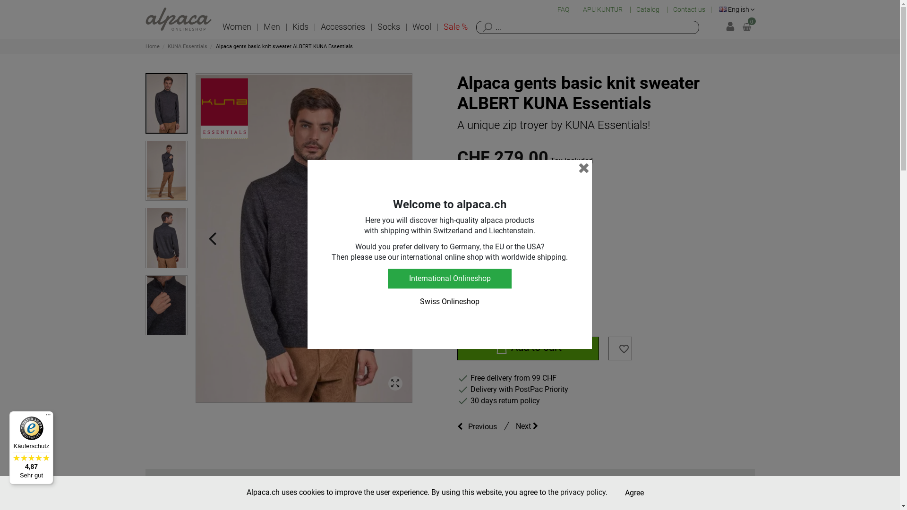 This screenshot has height=510, width=907. I want to click on 'Wool', so click(421, 26).